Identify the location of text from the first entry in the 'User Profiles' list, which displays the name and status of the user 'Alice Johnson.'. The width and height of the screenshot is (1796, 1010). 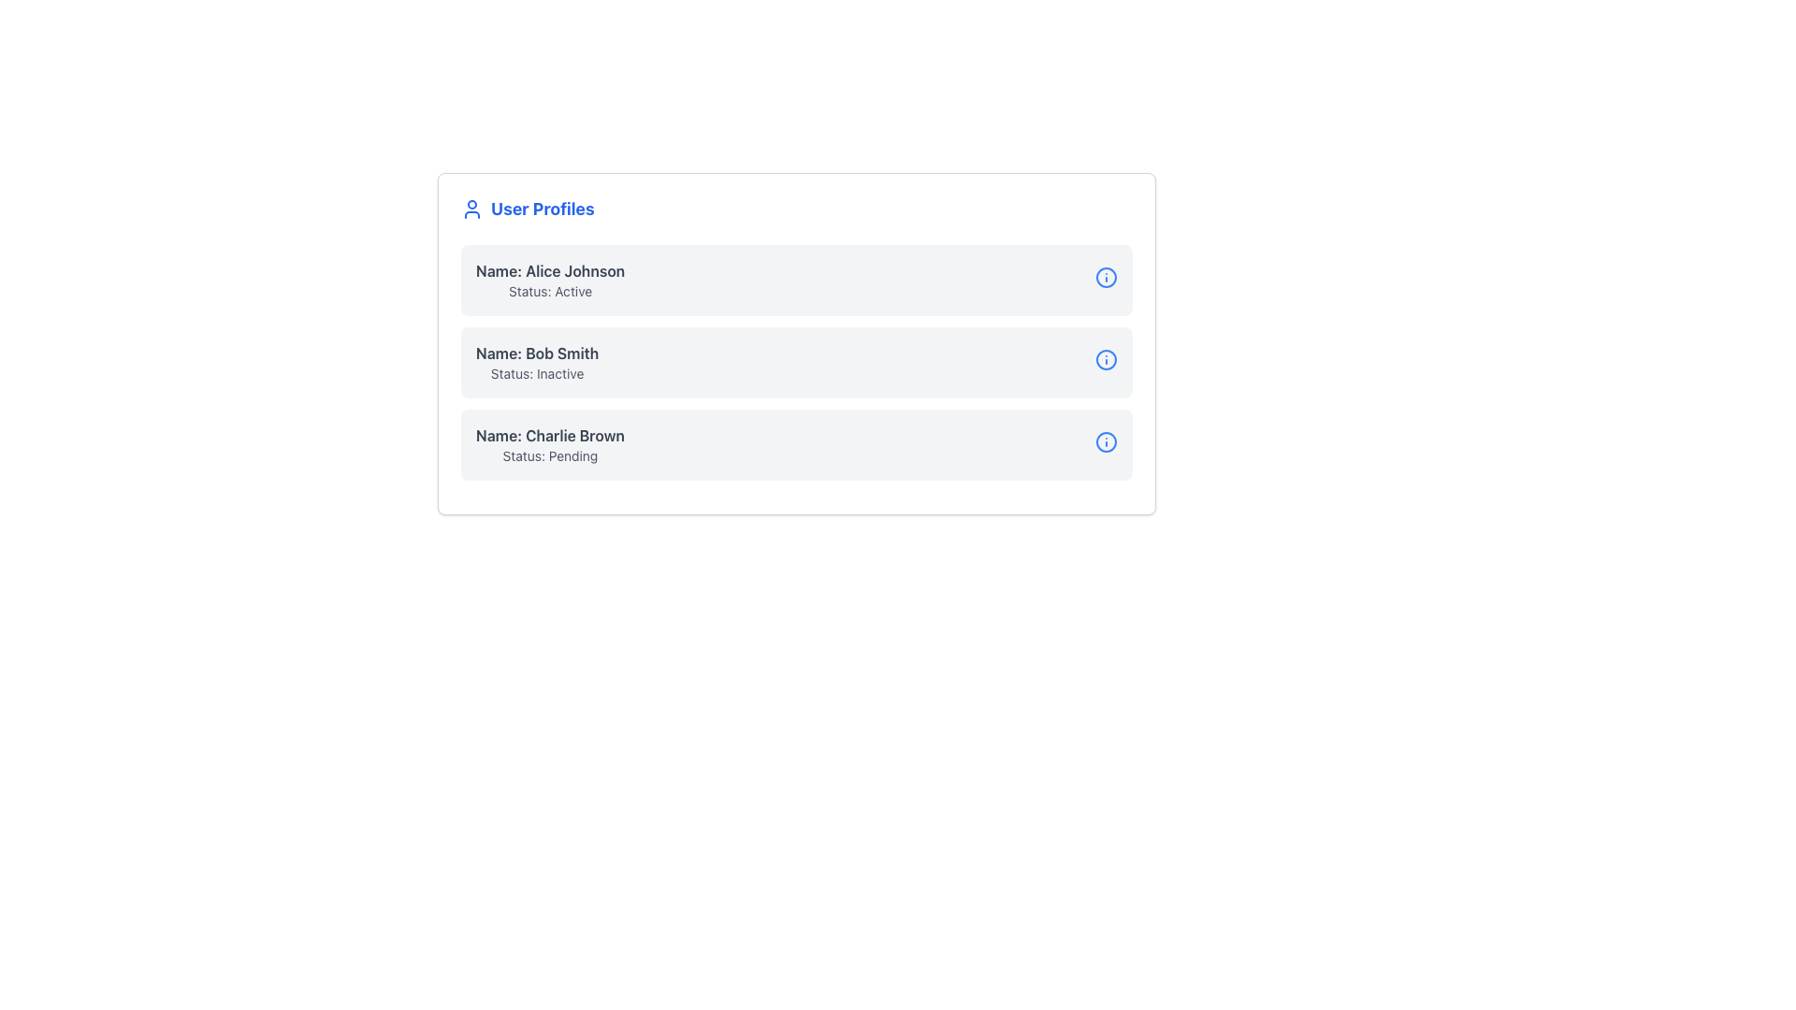
(549, 281).